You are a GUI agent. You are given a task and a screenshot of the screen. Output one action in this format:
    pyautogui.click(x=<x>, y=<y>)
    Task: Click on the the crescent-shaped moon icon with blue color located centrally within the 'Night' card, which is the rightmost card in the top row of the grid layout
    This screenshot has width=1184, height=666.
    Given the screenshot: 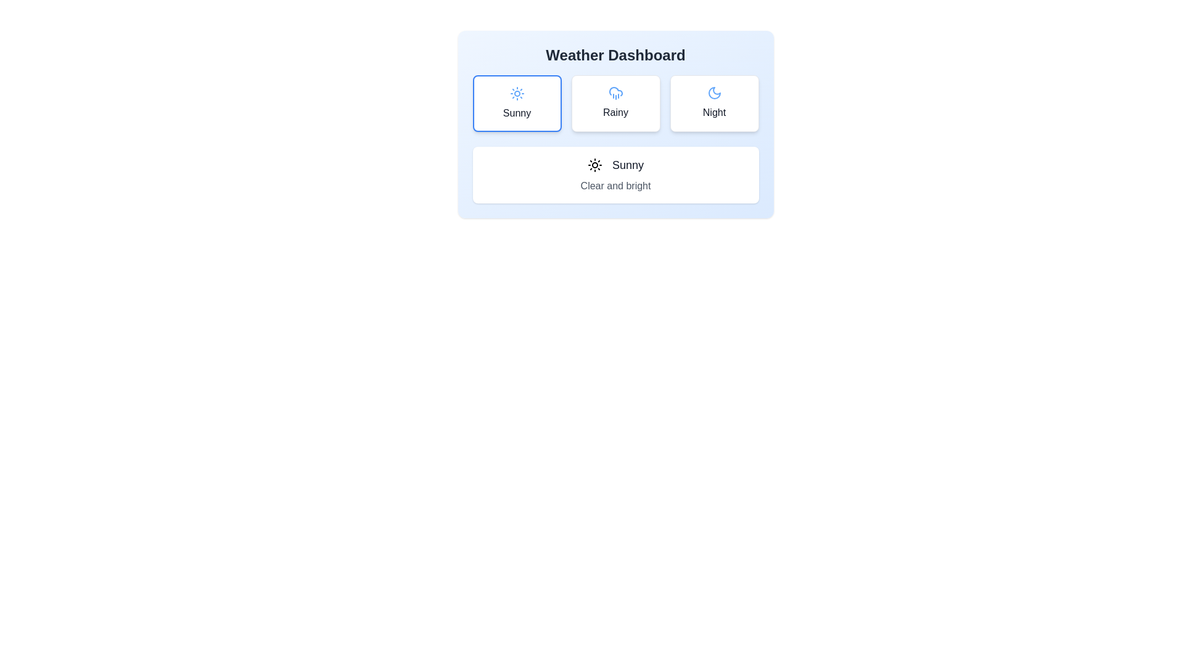 What is the action you would take?
    pyautogui.click(x=714, y=92)
    